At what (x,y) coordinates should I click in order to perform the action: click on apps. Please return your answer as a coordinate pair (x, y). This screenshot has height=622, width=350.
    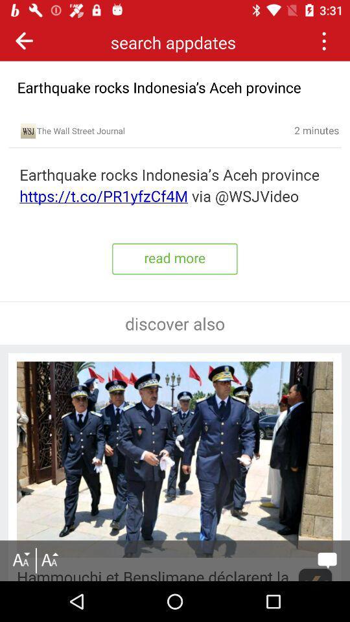
    Looking at the image, I should click on (323, 40).